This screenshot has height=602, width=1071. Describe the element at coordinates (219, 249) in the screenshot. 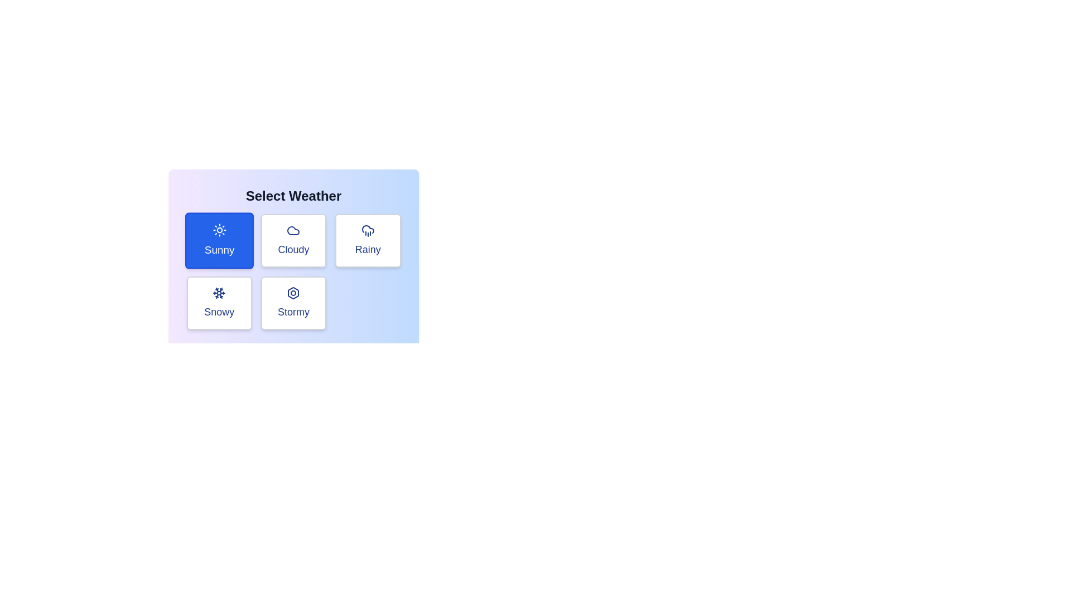

I see `text label indicating the weather condition 'Sunny', which is positioned below the sun icon in the top-left corner of the weather options grid` at that location.